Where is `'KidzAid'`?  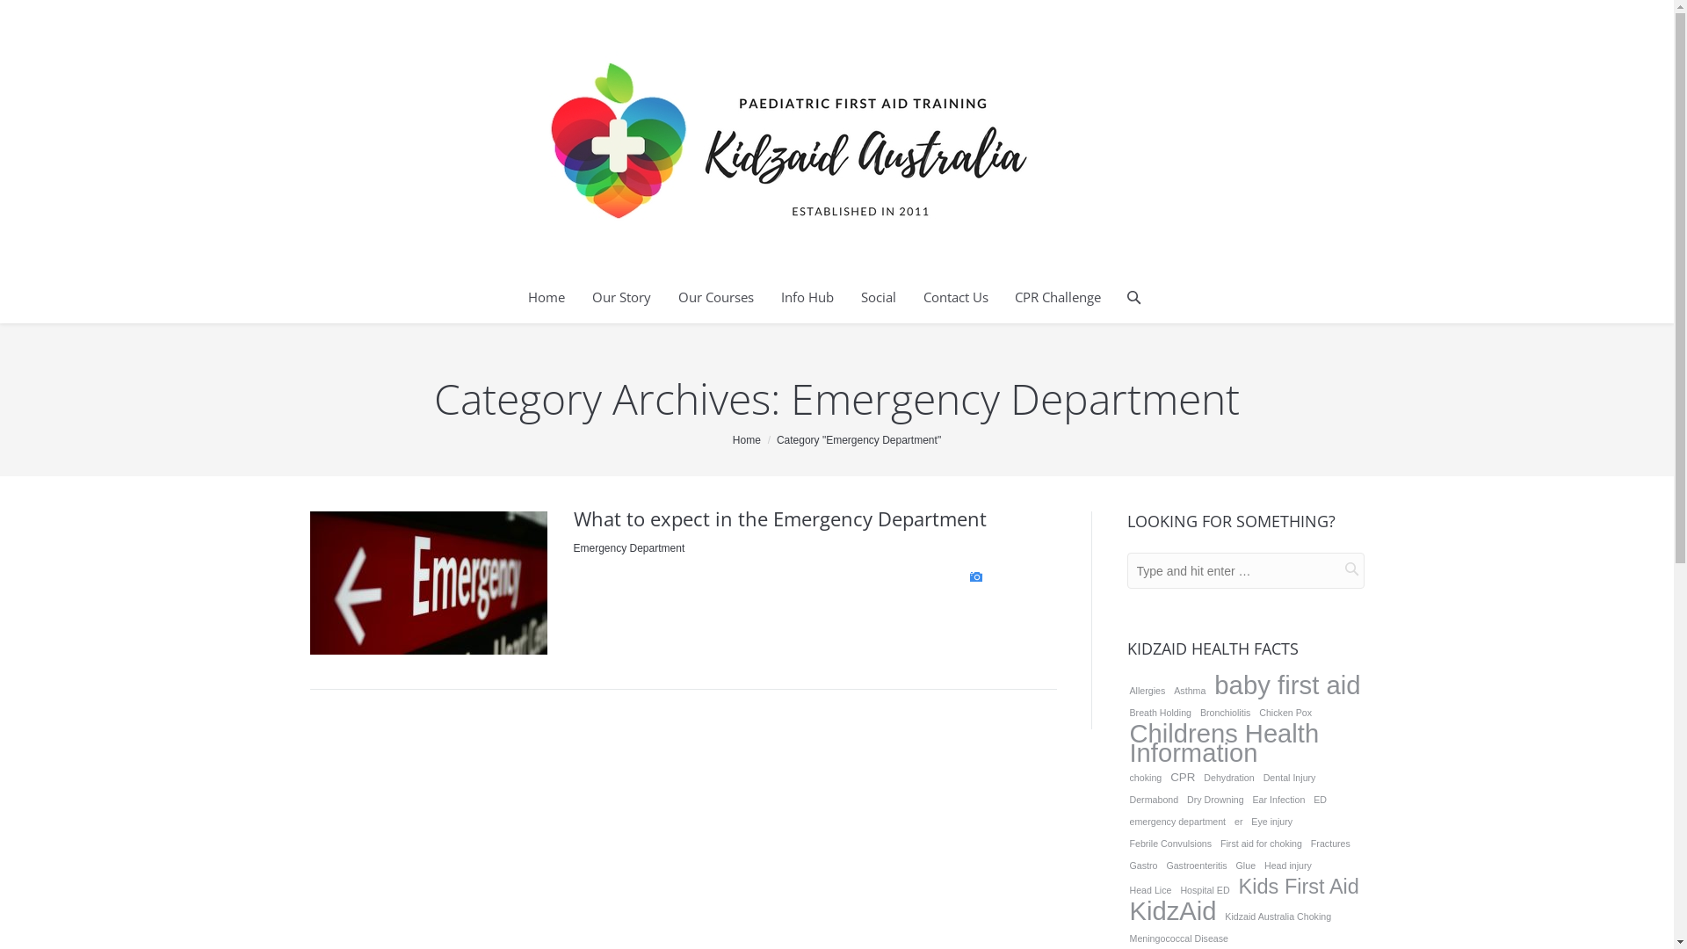 'KidzAid' is located at coordinates (1172, 910).